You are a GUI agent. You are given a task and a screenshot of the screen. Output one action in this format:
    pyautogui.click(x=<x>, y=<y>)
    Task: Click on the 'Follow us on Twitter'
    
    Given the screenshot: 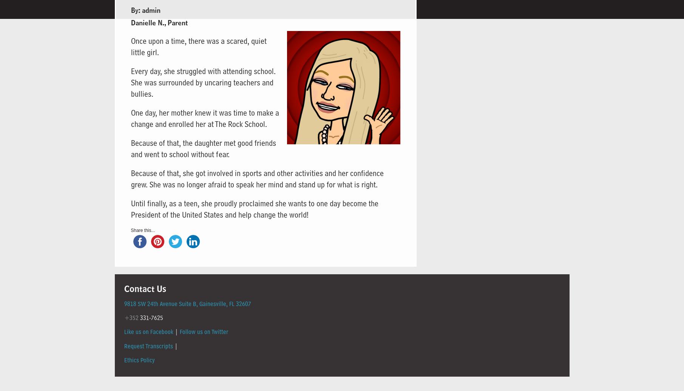 What is the action you would take?
    pyautogui.click(x=203, y=331)
    